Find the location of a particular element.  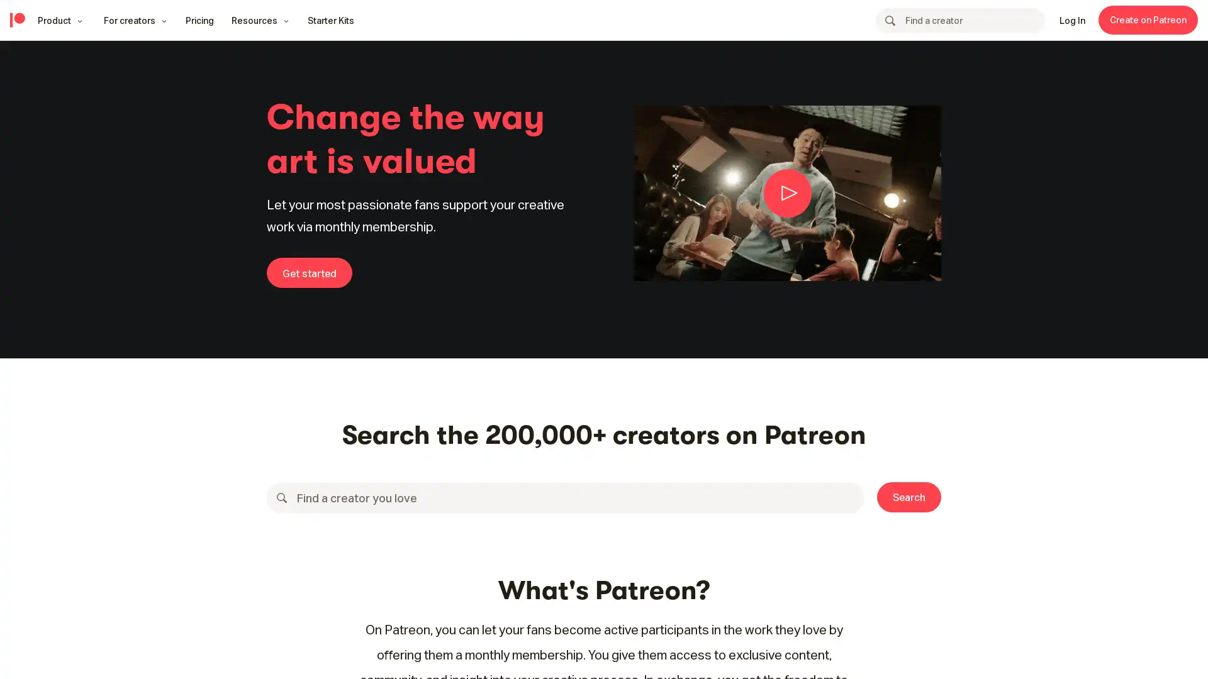

Accept is located at coordinates (116, 612).